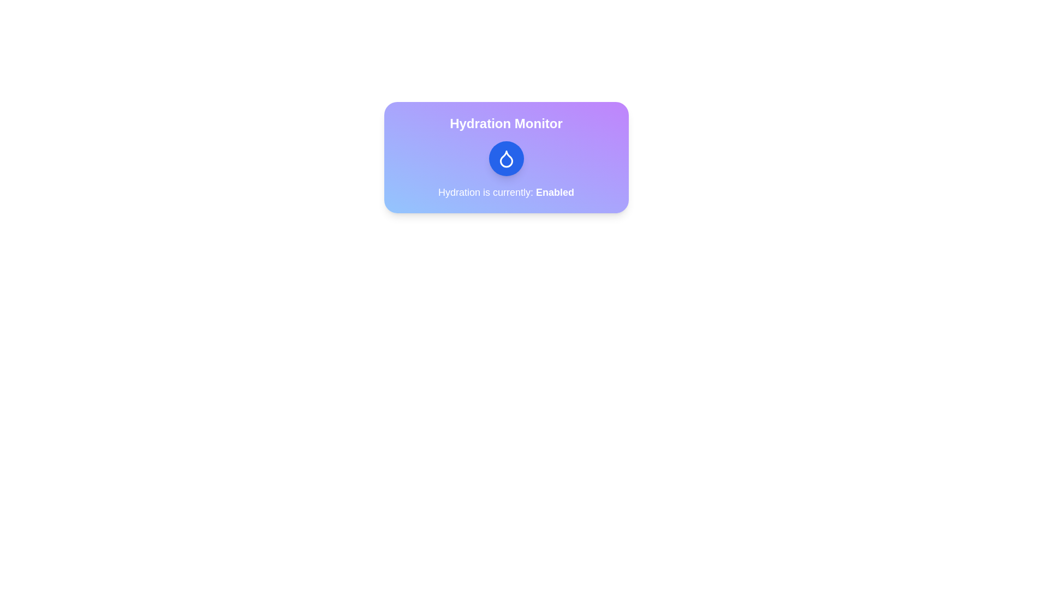  What do you see at coordinates (505, 158) in the screenshot?
I see `the hydration monitor toggle button to change its state` at bounding box center [505, 158].